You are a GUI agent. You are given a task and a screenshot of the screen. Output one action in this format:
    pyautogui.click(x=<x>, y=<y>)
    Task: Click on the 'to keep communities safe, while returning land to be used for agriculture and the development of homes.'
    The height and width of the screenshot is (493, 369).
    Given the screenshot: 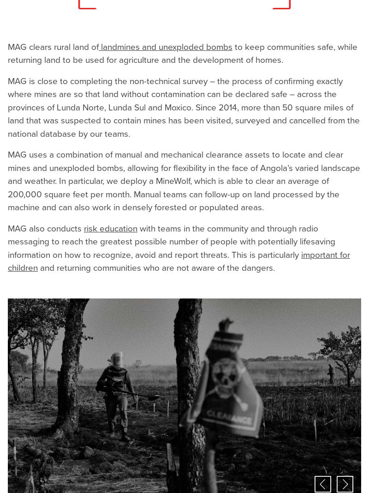 What is the action you would take?
    pyautogui.click(x=182, y=53)
    